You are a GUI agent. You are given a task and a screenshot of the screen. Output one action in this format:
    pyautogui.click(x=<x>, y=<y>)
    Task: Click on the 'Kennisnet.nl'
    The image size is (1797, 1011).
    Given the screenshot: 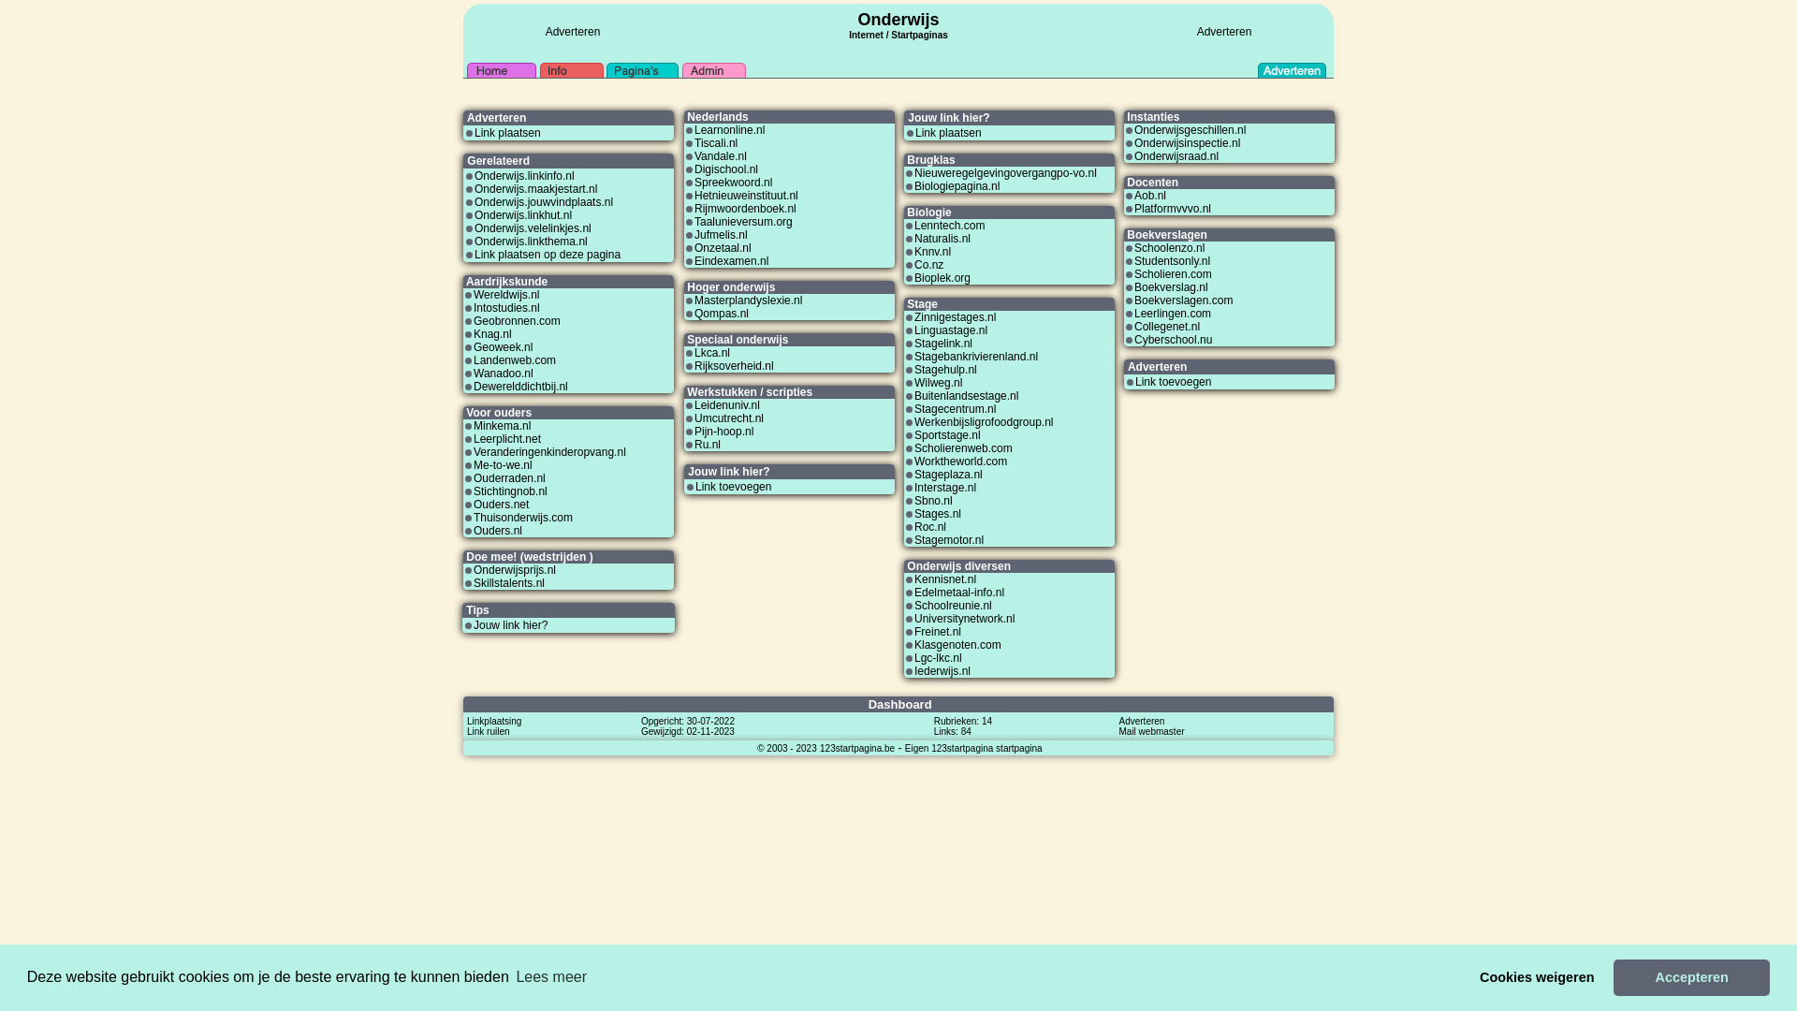 What is the action you would take?
    pyautogui.click(x=944, y=578)
    